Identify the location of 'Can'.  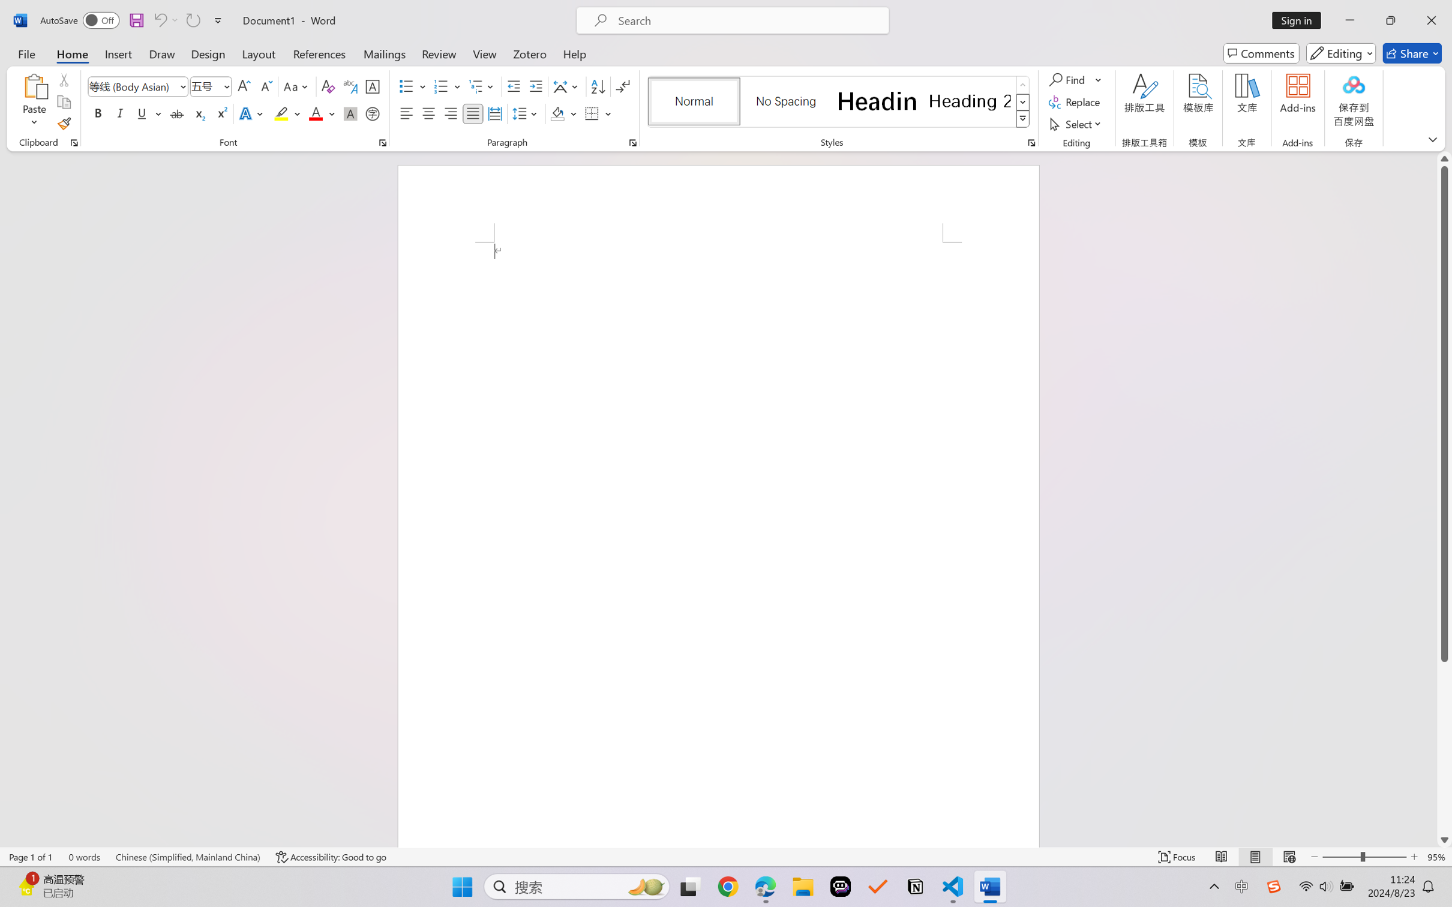
(164, 20).